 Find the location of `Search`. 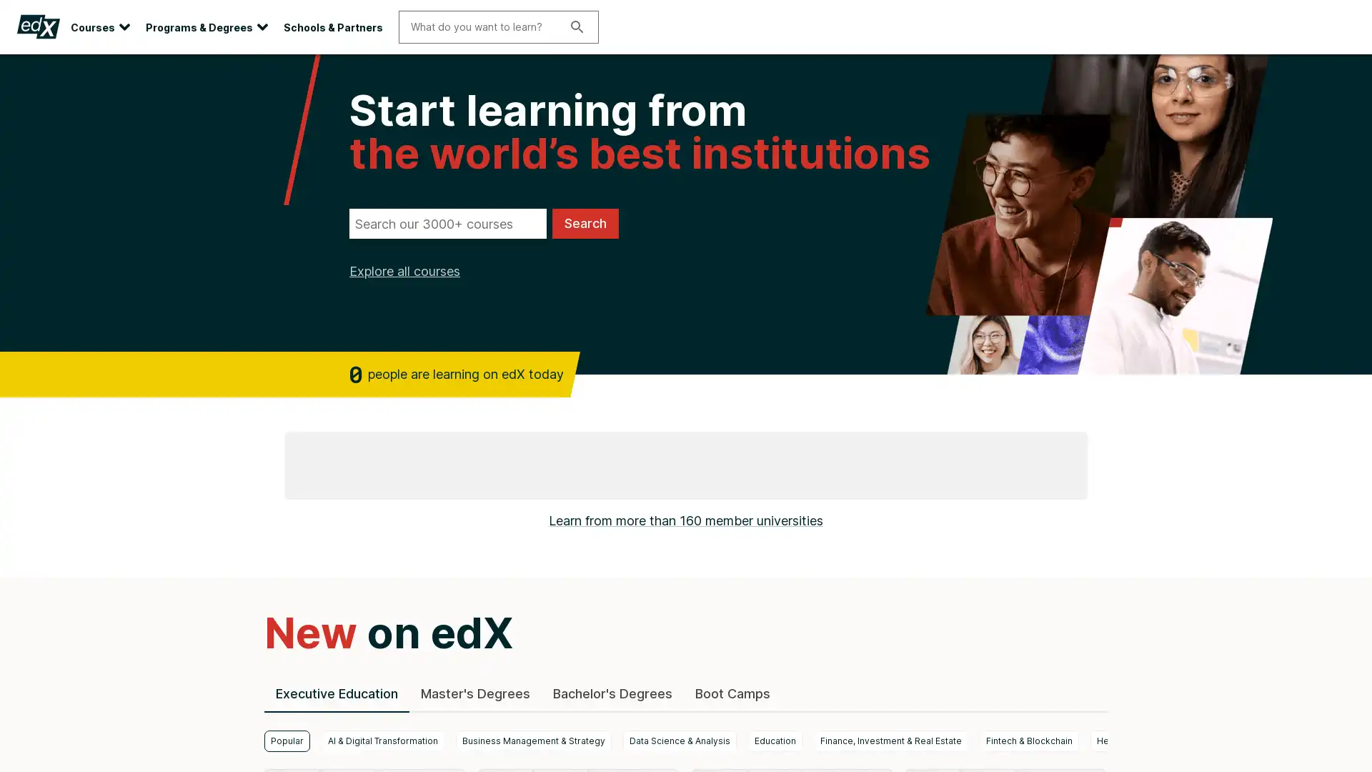

Search is located at coordinates (585, 247).